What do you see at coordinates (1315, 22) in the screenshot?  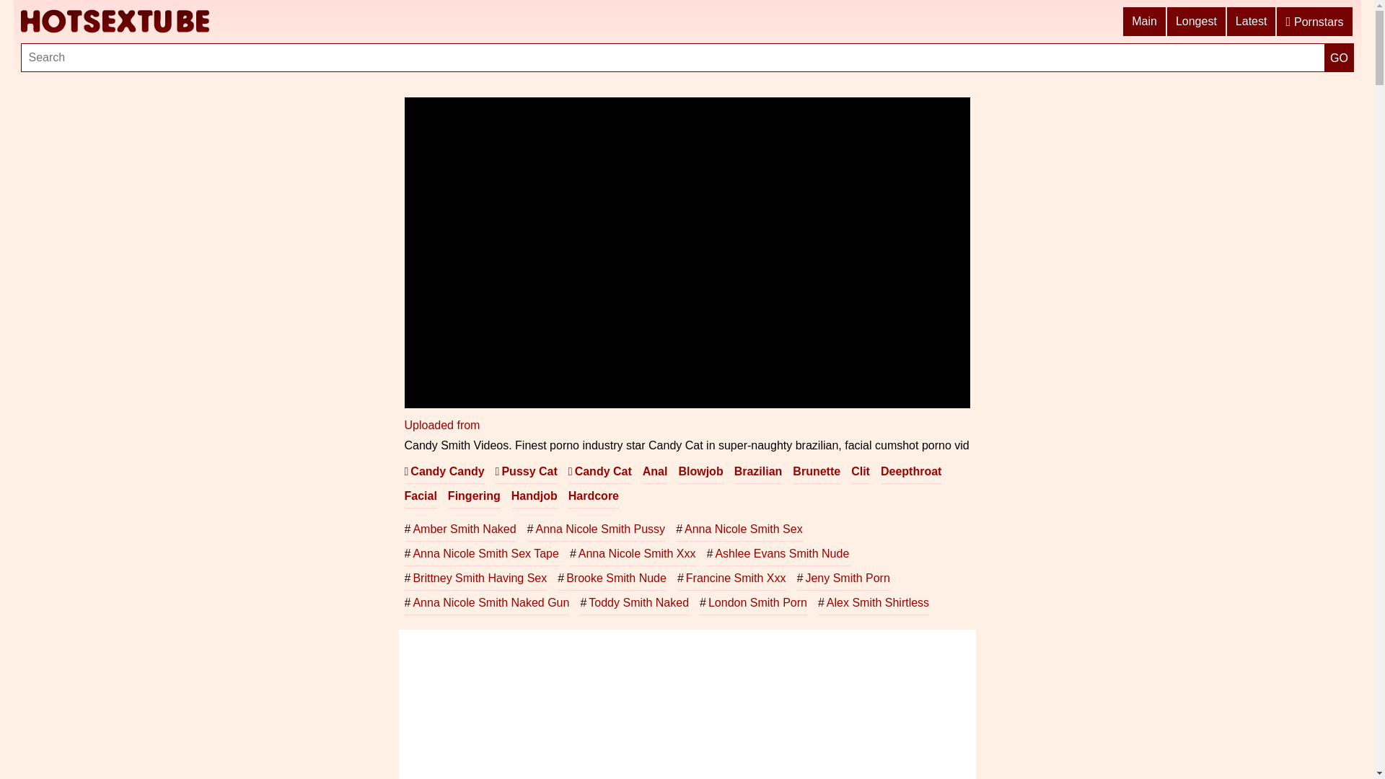 I see `'Pornstars'` at bounding box center [1315, 22].